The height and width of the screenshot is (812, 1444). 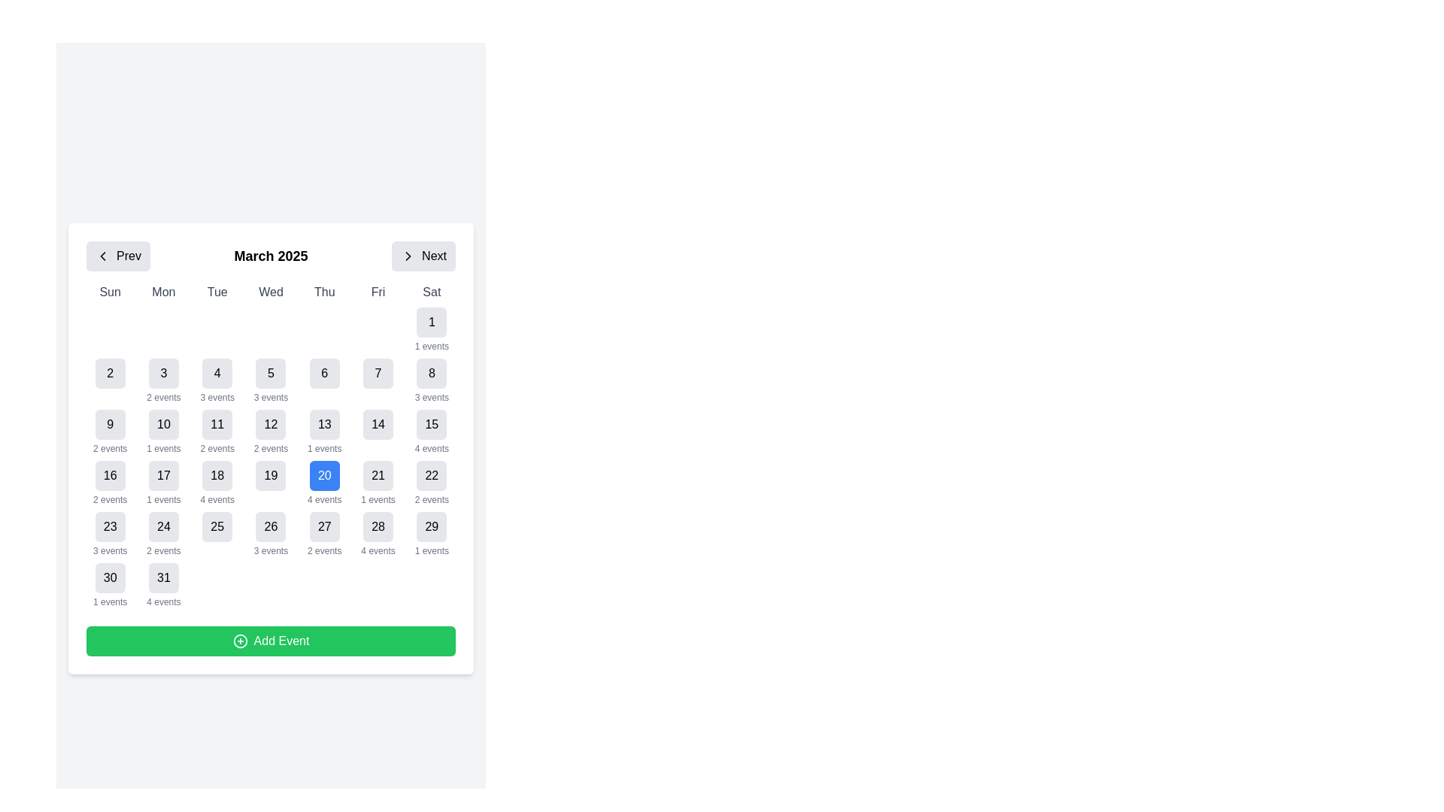 What do you see at coordinates (109, 483) in the screenshot?
I see `the Date cell representing the date '16' in the calendar grid located in the fourth row and first column` at bounding box center [109, 483].